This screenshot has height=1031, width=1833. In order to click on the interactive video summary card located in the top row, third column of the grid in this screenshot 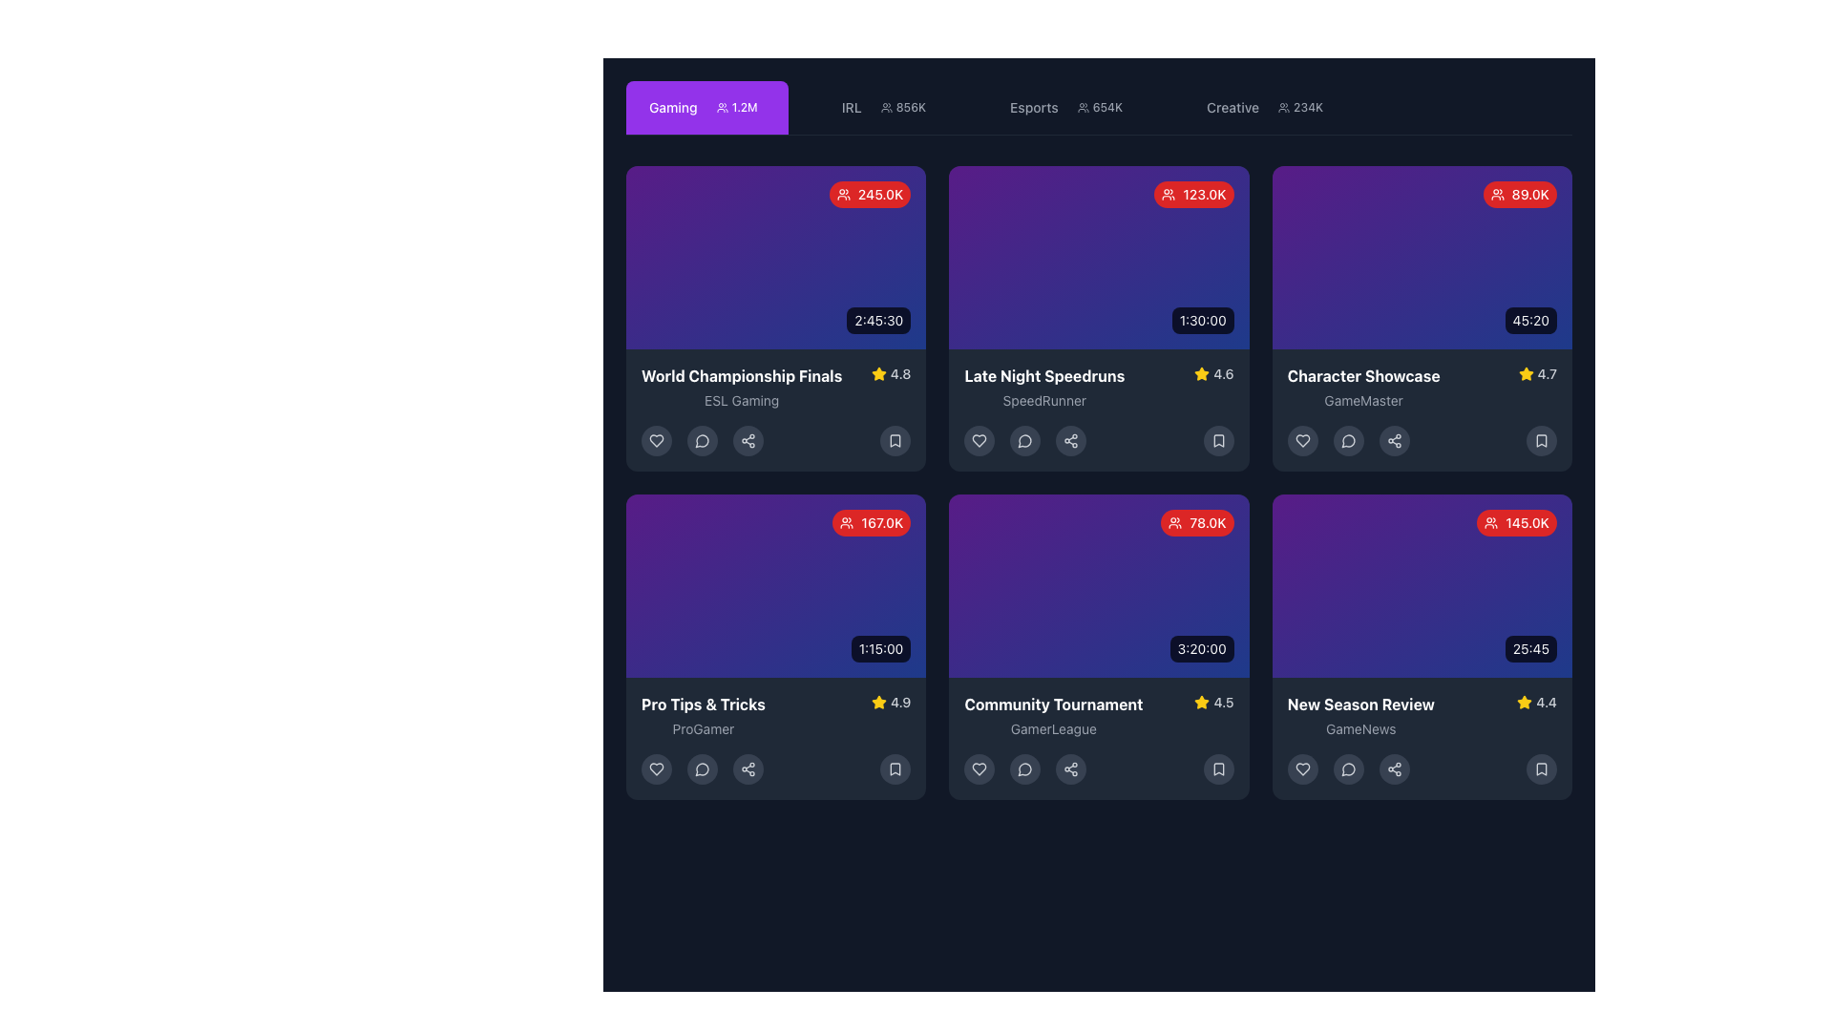, I will do `click(1422, 318)`.